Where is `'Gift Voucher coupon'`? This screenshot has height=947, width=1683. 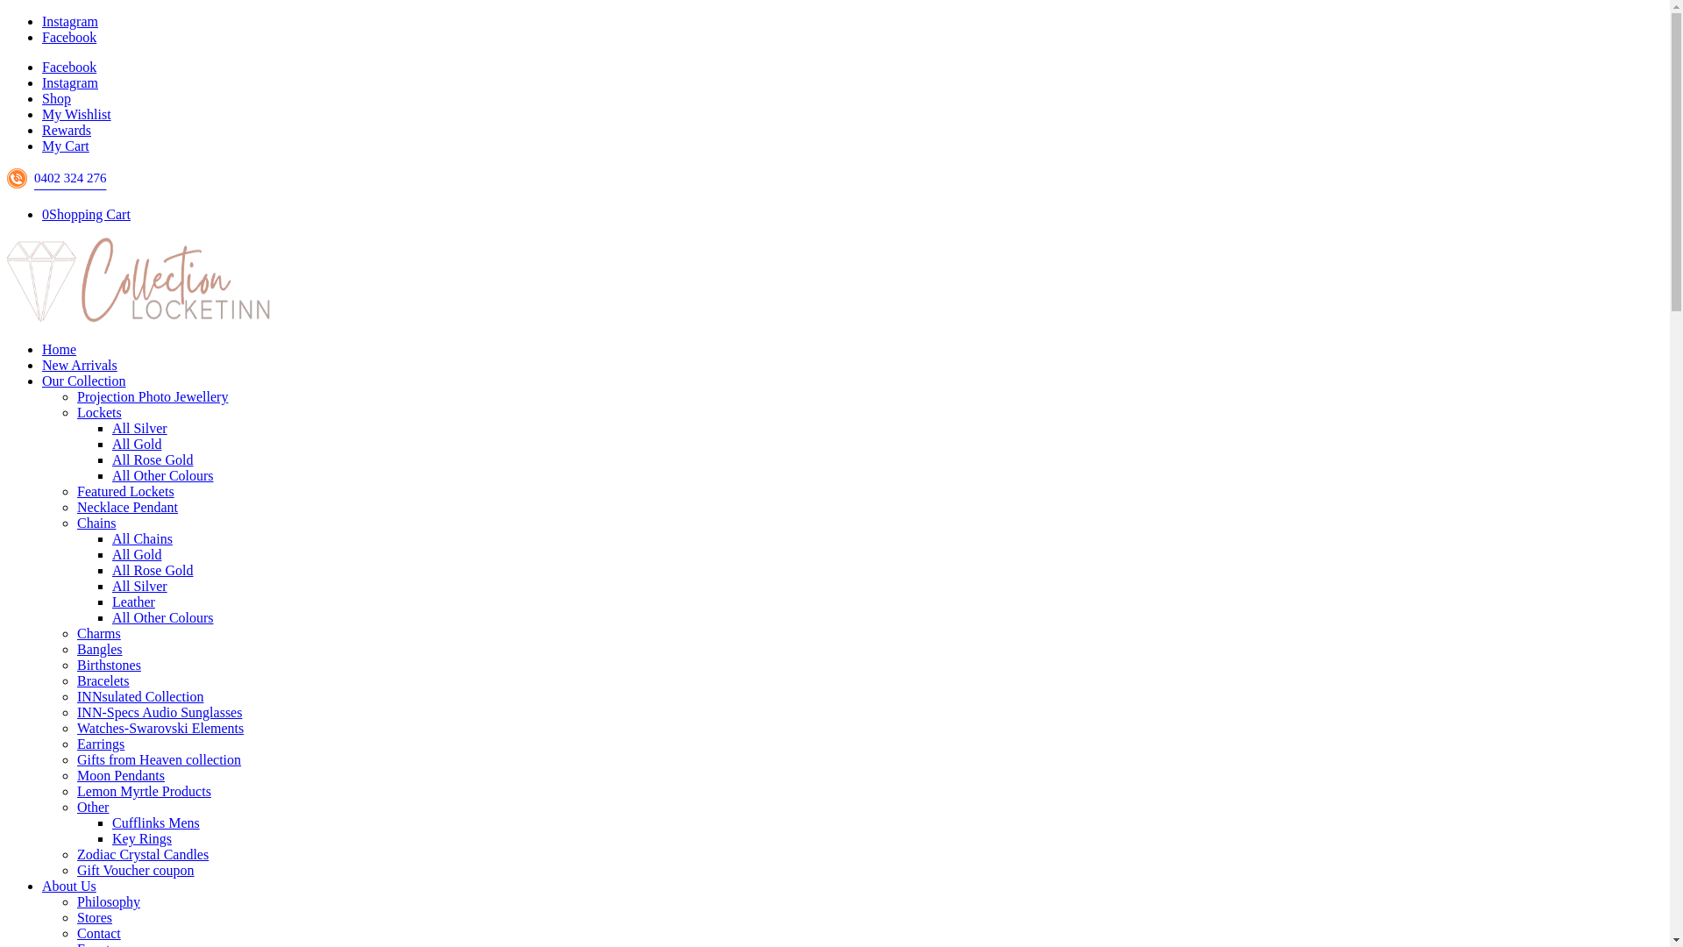 'Gift Voucher coupon' is located at coordinates (134, 870).